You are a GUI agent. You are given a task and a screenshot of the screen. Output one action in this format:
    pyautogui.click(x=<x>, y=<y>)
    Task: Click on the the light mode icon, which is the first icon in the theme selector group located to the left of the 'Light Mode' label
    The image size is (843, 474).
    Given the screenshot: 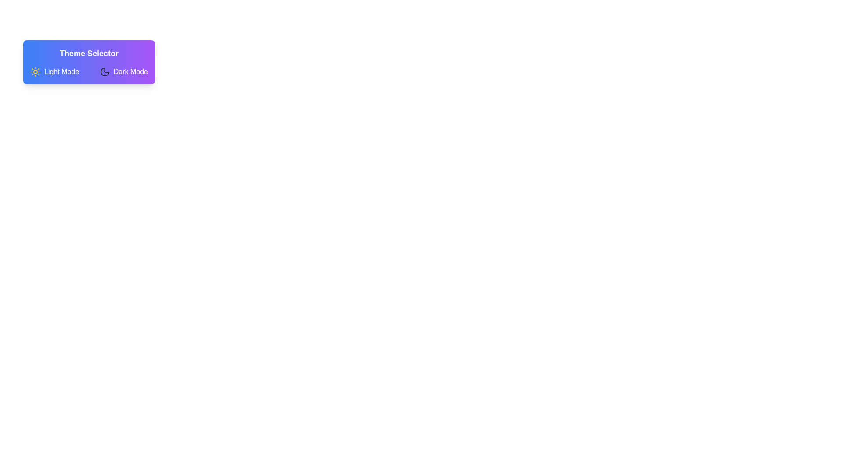 What is the action you would take?
    pyautogui.click(x=35, y=72)
    